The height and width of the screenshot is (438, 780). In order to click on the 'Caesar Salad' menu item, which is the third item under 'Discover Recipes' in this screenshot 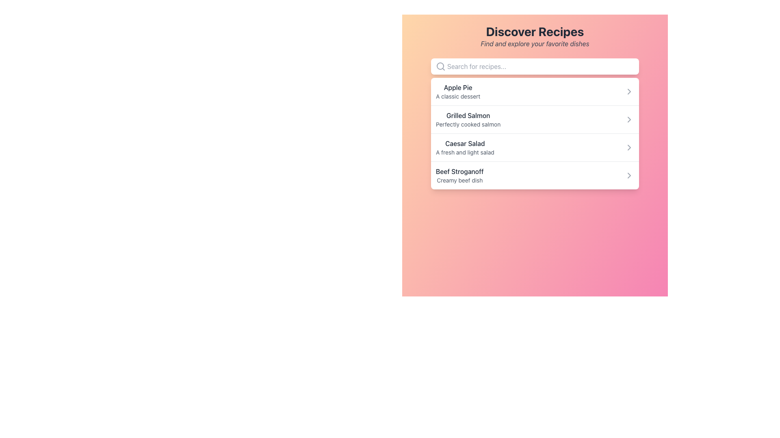, I will do `click(465, 147)`.